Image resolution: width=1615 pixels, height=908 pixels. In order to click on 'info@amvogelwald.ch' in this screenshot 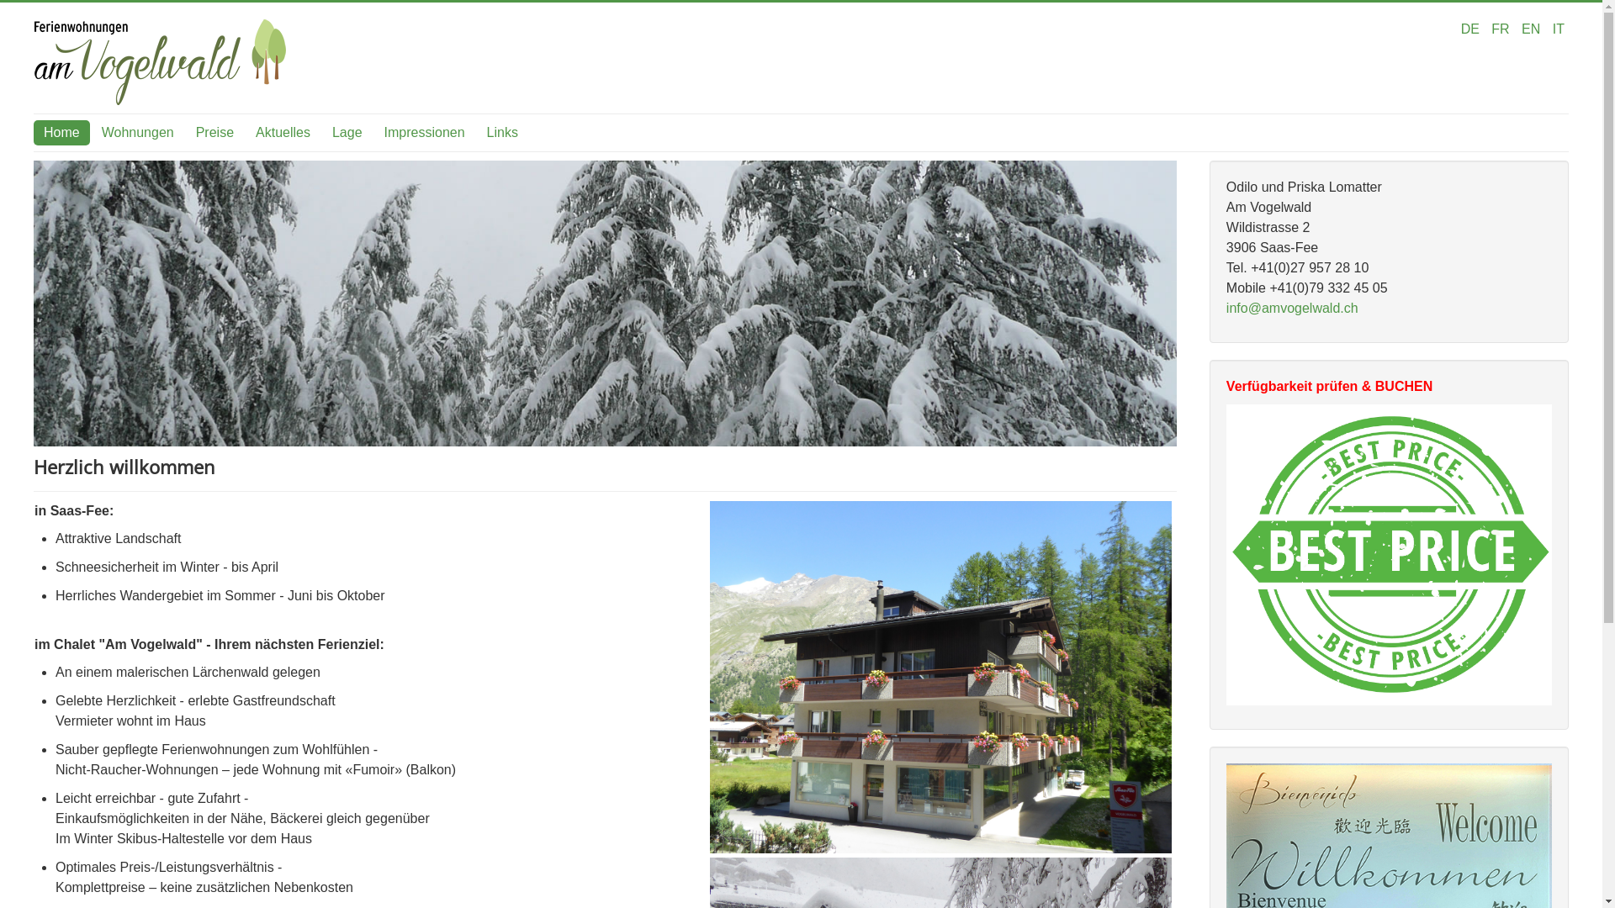, I will do `click(1291, 308)`.